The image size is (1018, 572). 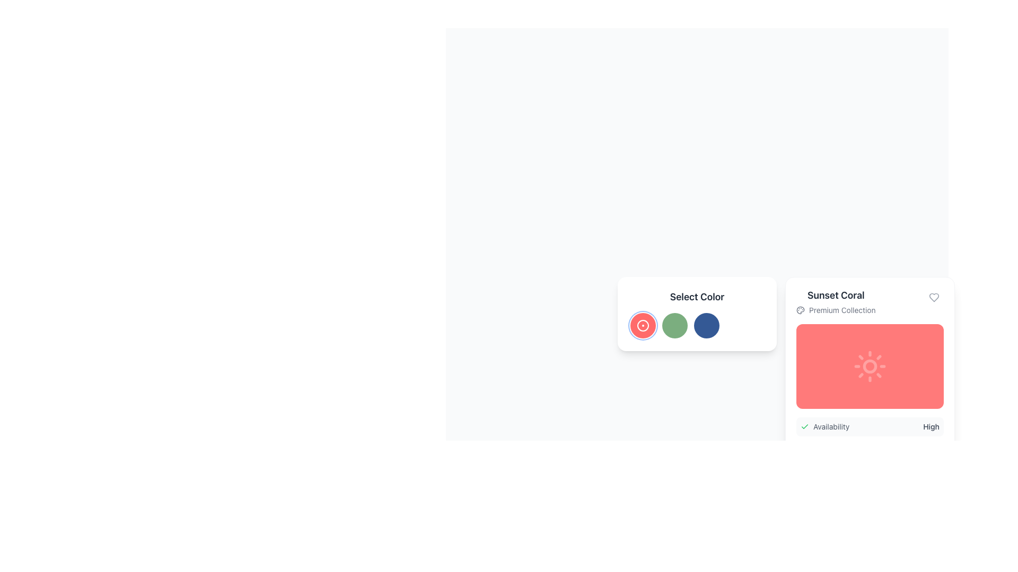 I want to click on the circular geometric shape within the color palette icon, which is part of the SVG representation labeled 'Select Color.', so click(x=801, y=310).